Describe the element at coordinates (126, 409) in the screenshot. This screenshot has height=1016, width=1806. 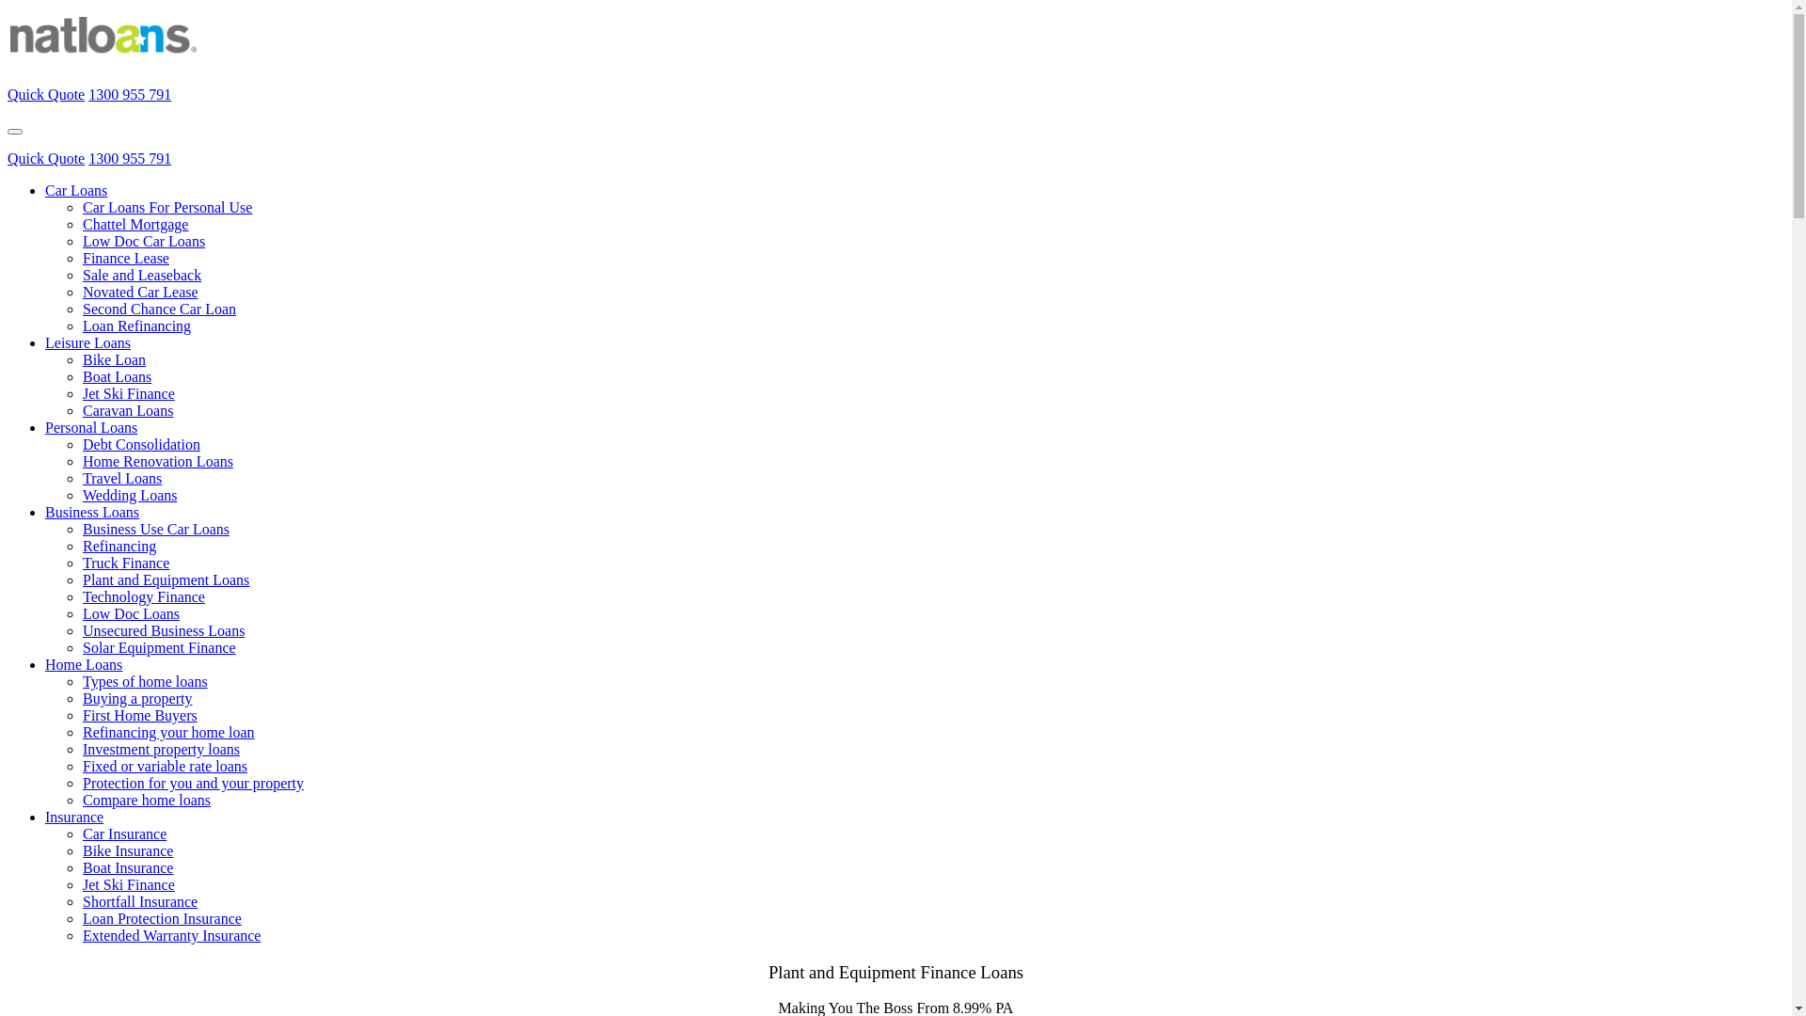
I see `'Caravan Loans'` at that location.